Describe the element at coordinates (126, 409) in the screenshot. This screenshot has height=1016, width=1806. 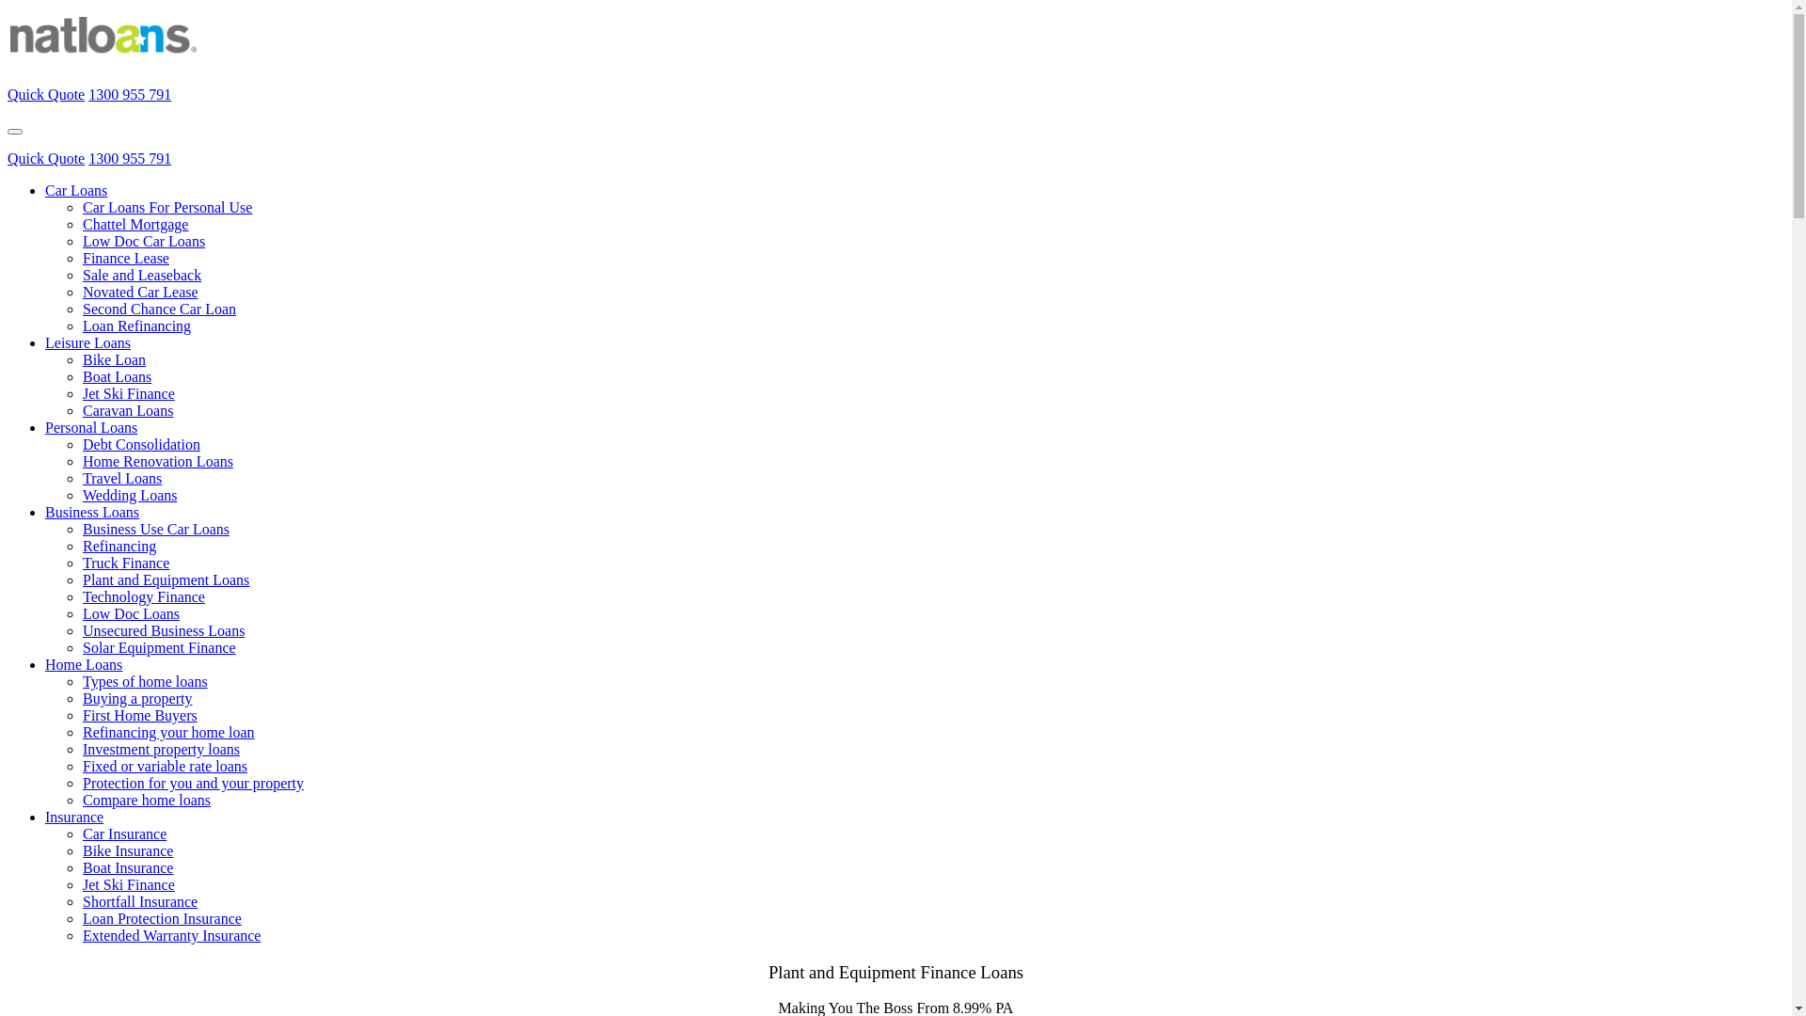
I see `'Caravan Loans'` at that location.